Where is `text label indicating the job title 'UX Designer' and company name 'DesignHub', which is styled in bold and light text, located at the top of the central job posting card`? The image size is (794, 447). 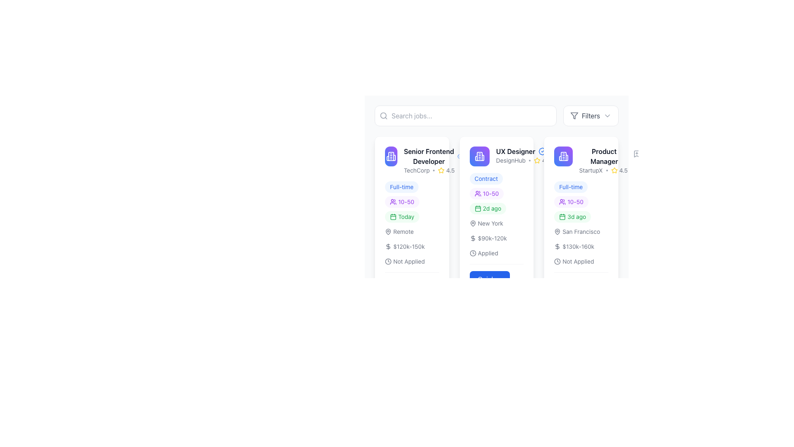 text label indicating the job title 'UX Designer' and company name 'DesignHub', which is styled in bold and light text, located at the top of the central job posting card is located at coordinates (496, 156).